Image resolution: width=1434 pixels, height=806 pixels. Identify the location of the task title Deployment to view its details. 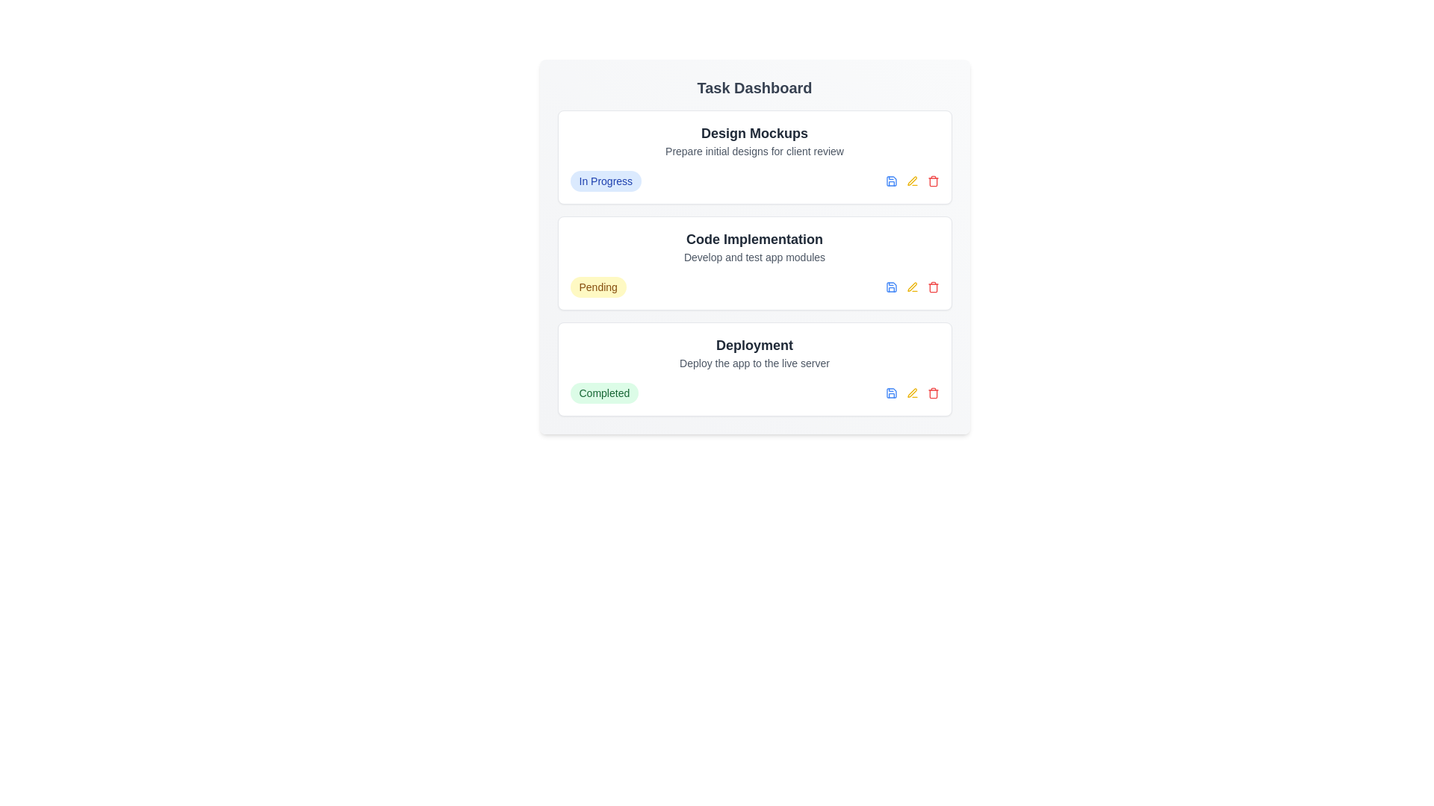
(754, 345).